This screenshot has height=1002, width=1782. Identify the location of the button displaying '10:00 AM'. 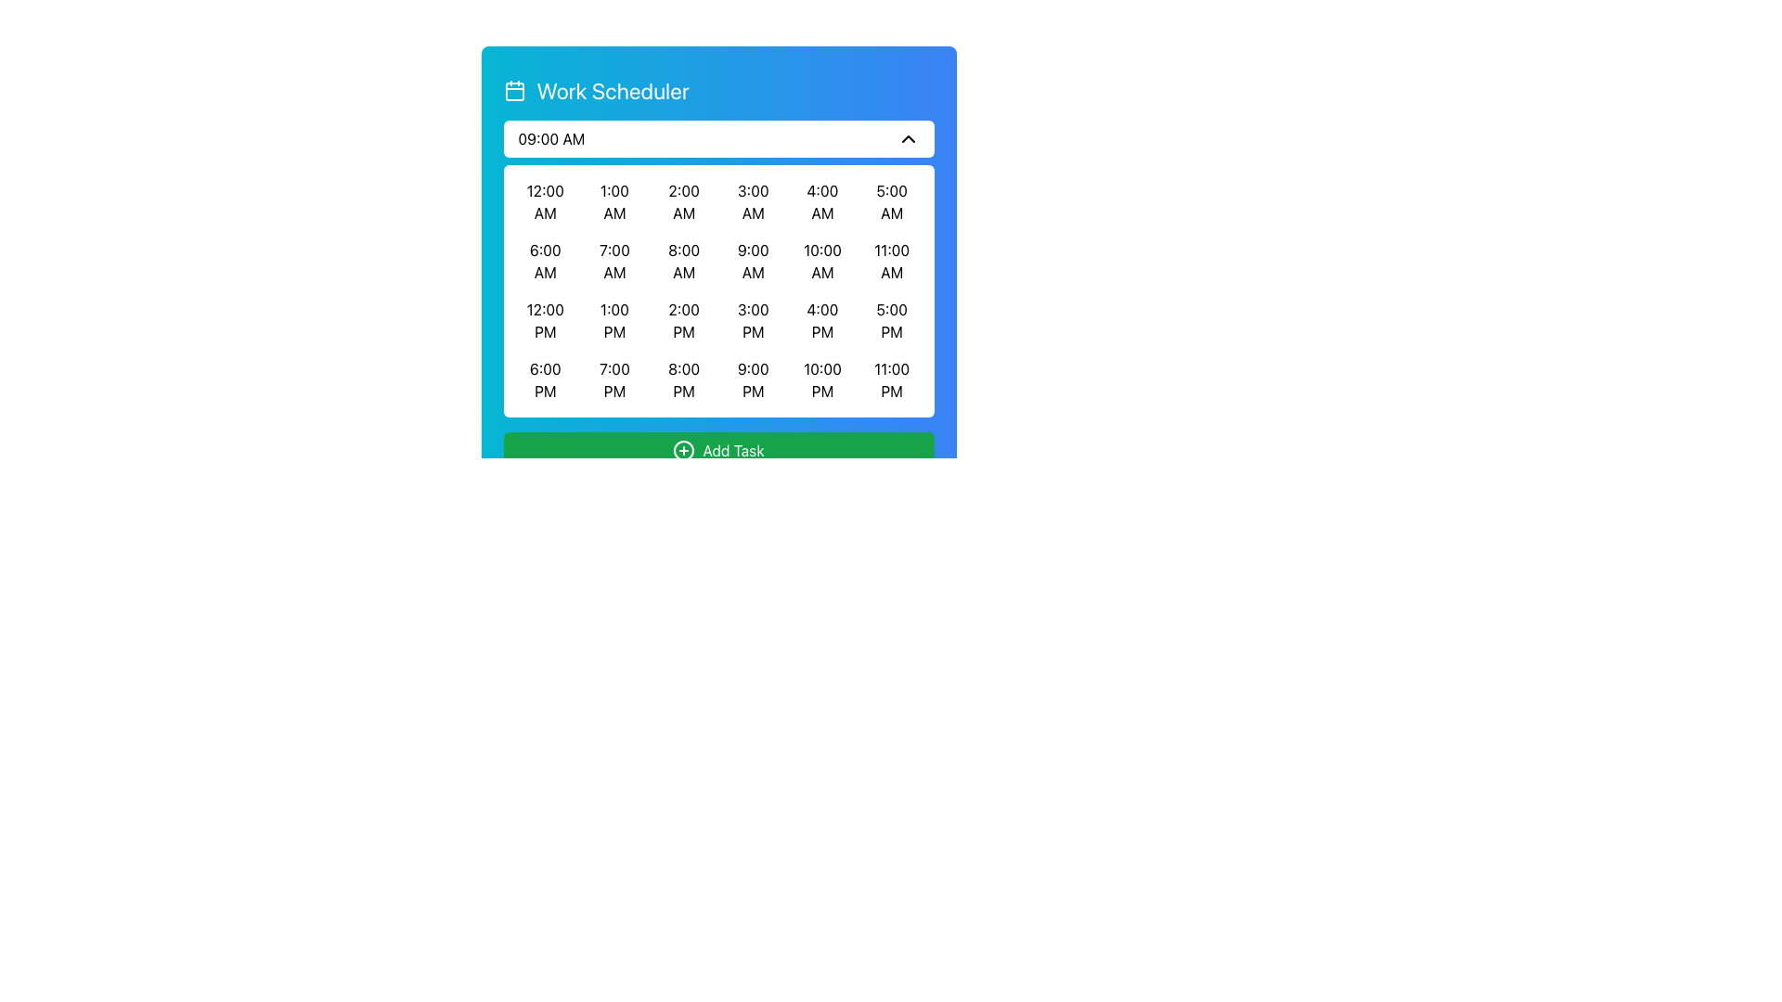
(821, 261).